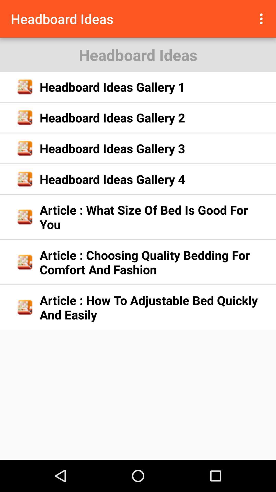 The width and height of the screenshot is (276, 492). What do you see at coordinates (262, 19) in the screenshot?
I see `icon at the top right corner` at bounding box center [262, 19].